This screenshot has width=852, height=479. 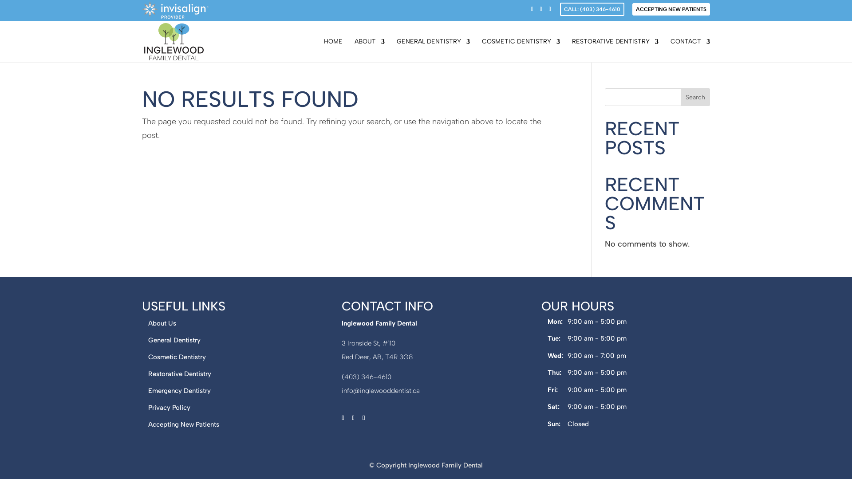 What do you see at coordinates (332, 51) in the screenshot?
I see `'HOME'` at bounding box center [332, 51].